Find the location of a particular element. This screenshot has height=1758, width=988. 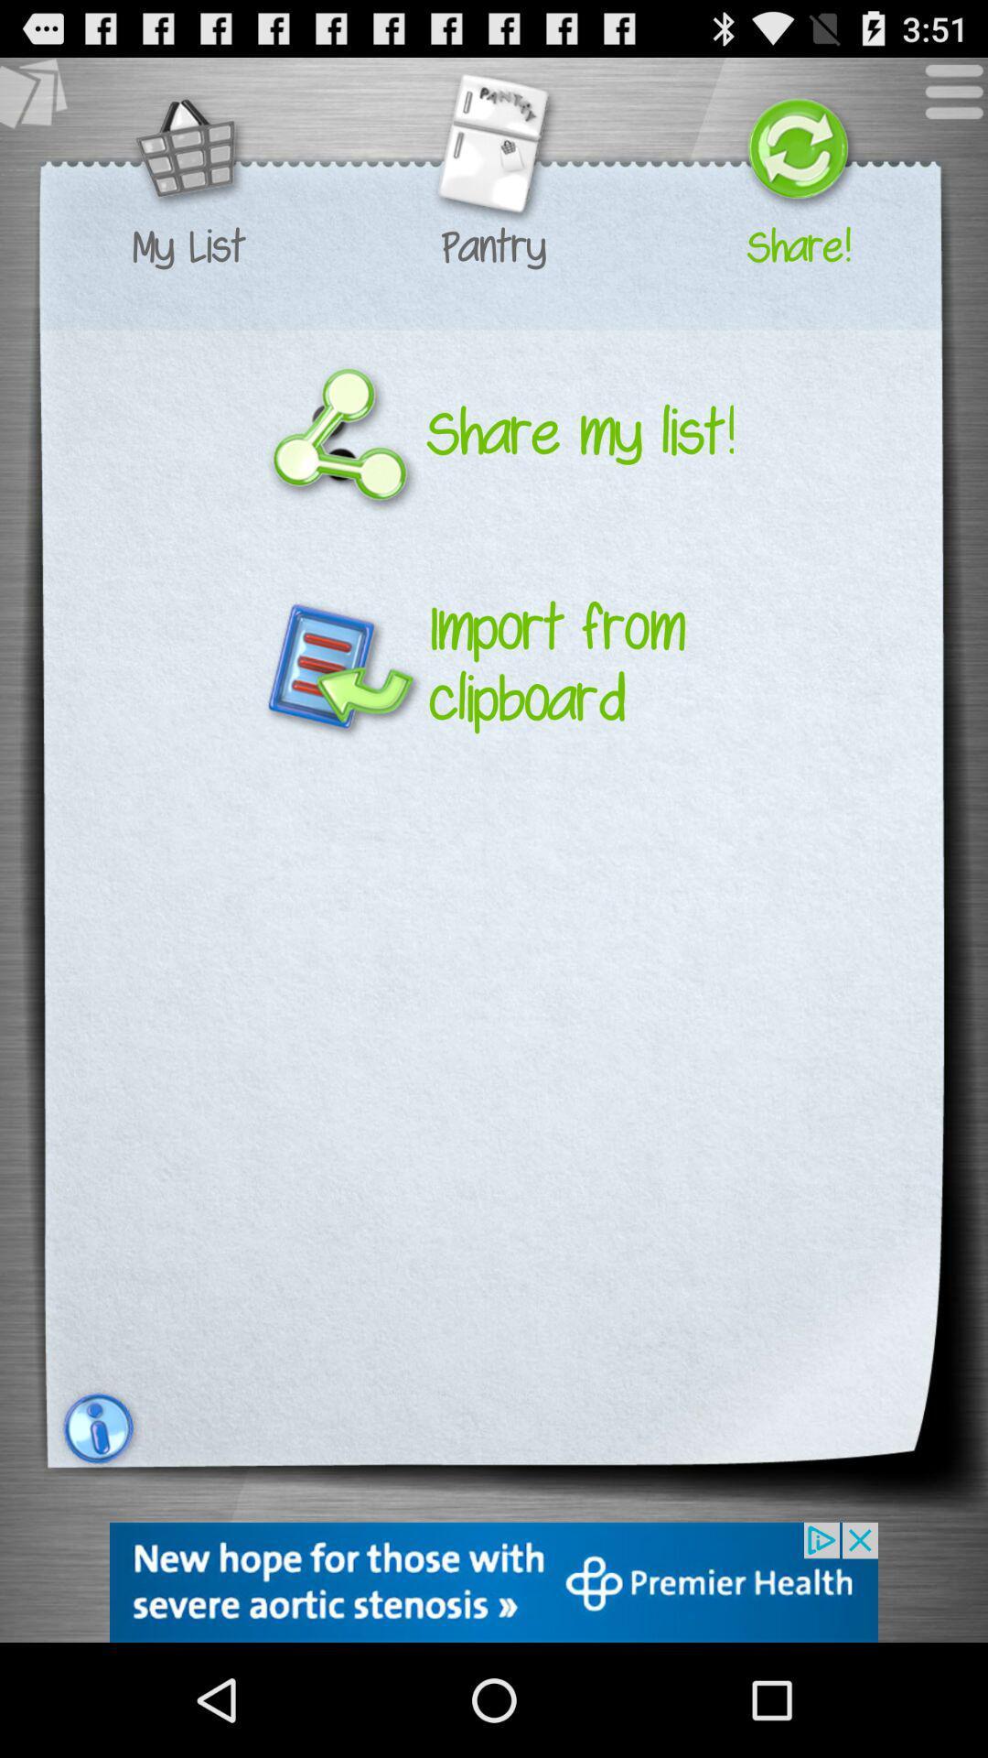

the notification is located at coordinates (95, 1427).